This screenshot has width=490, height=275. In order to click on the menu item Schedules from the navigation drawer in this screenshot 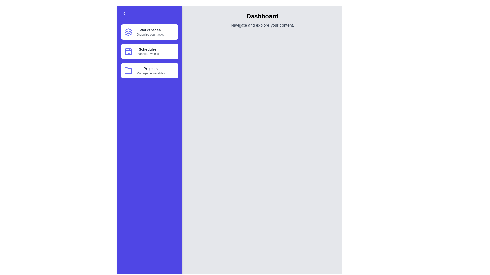, I will do `click(149, 51)`.